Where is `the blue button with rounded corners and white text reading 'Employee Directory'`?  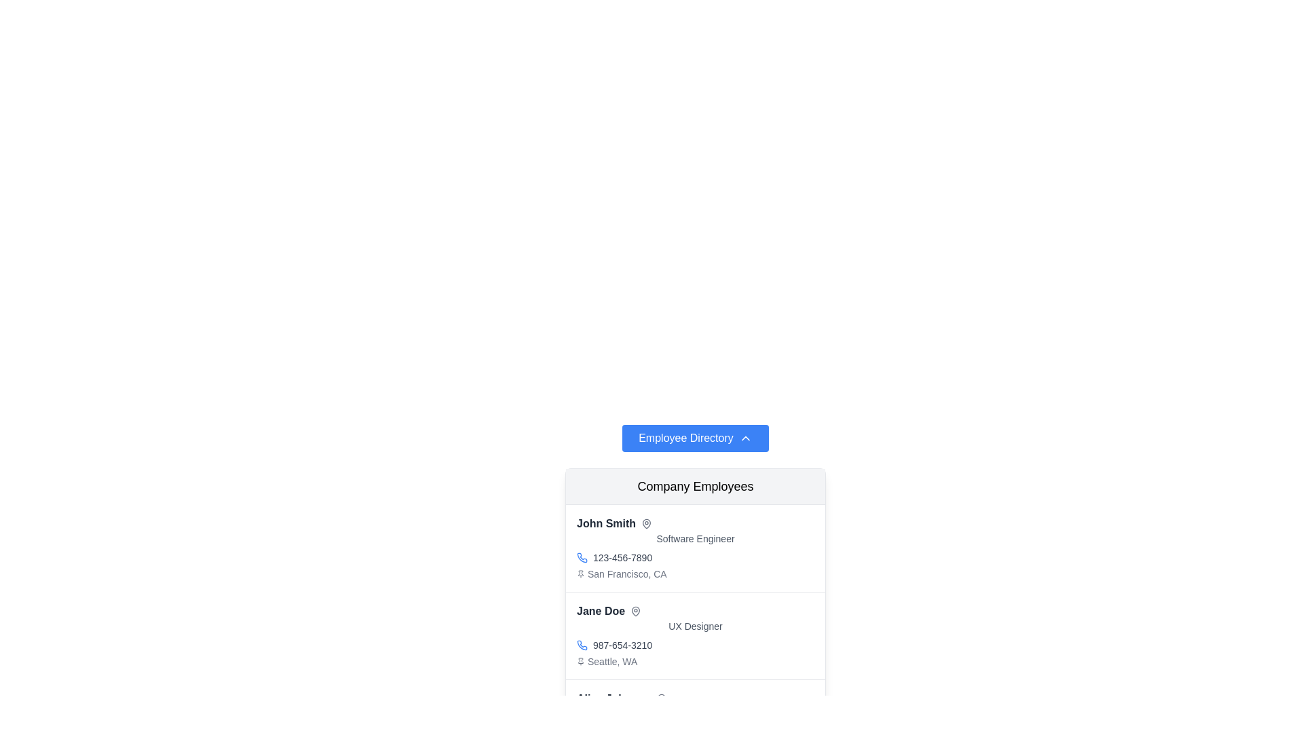
the blue button with rounded corners and white text reading 'Employee Directory' is located at coordinates (694, 438).